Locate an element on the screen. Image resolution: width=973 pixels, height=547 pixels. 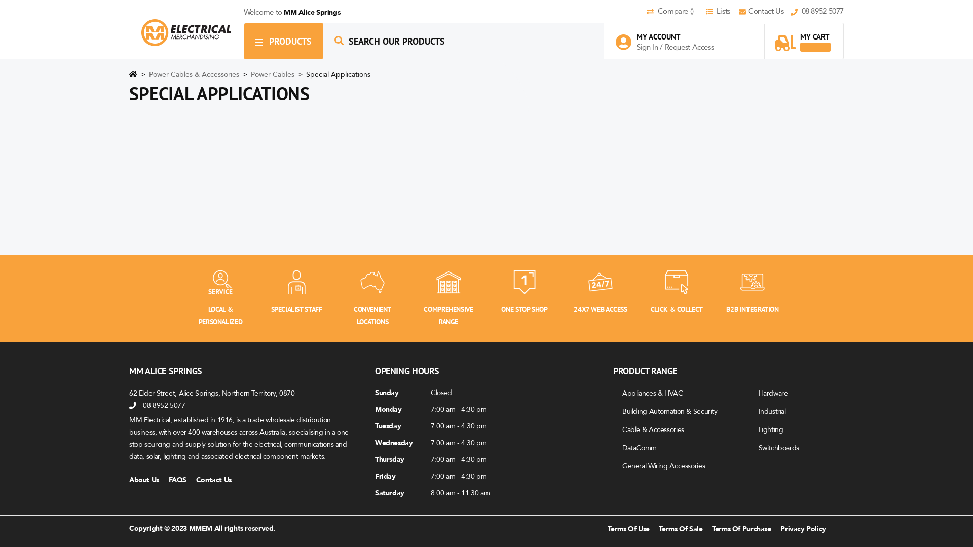
'Lighting' is located at coordinates (770, 429).